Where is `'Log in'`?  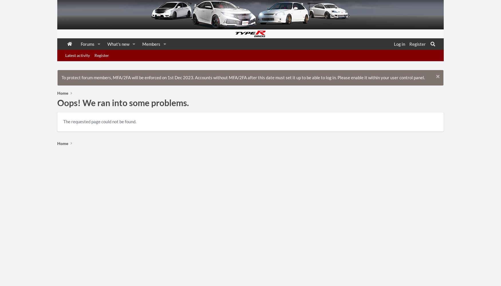 'Log in' is located at coordinates (399, 44).